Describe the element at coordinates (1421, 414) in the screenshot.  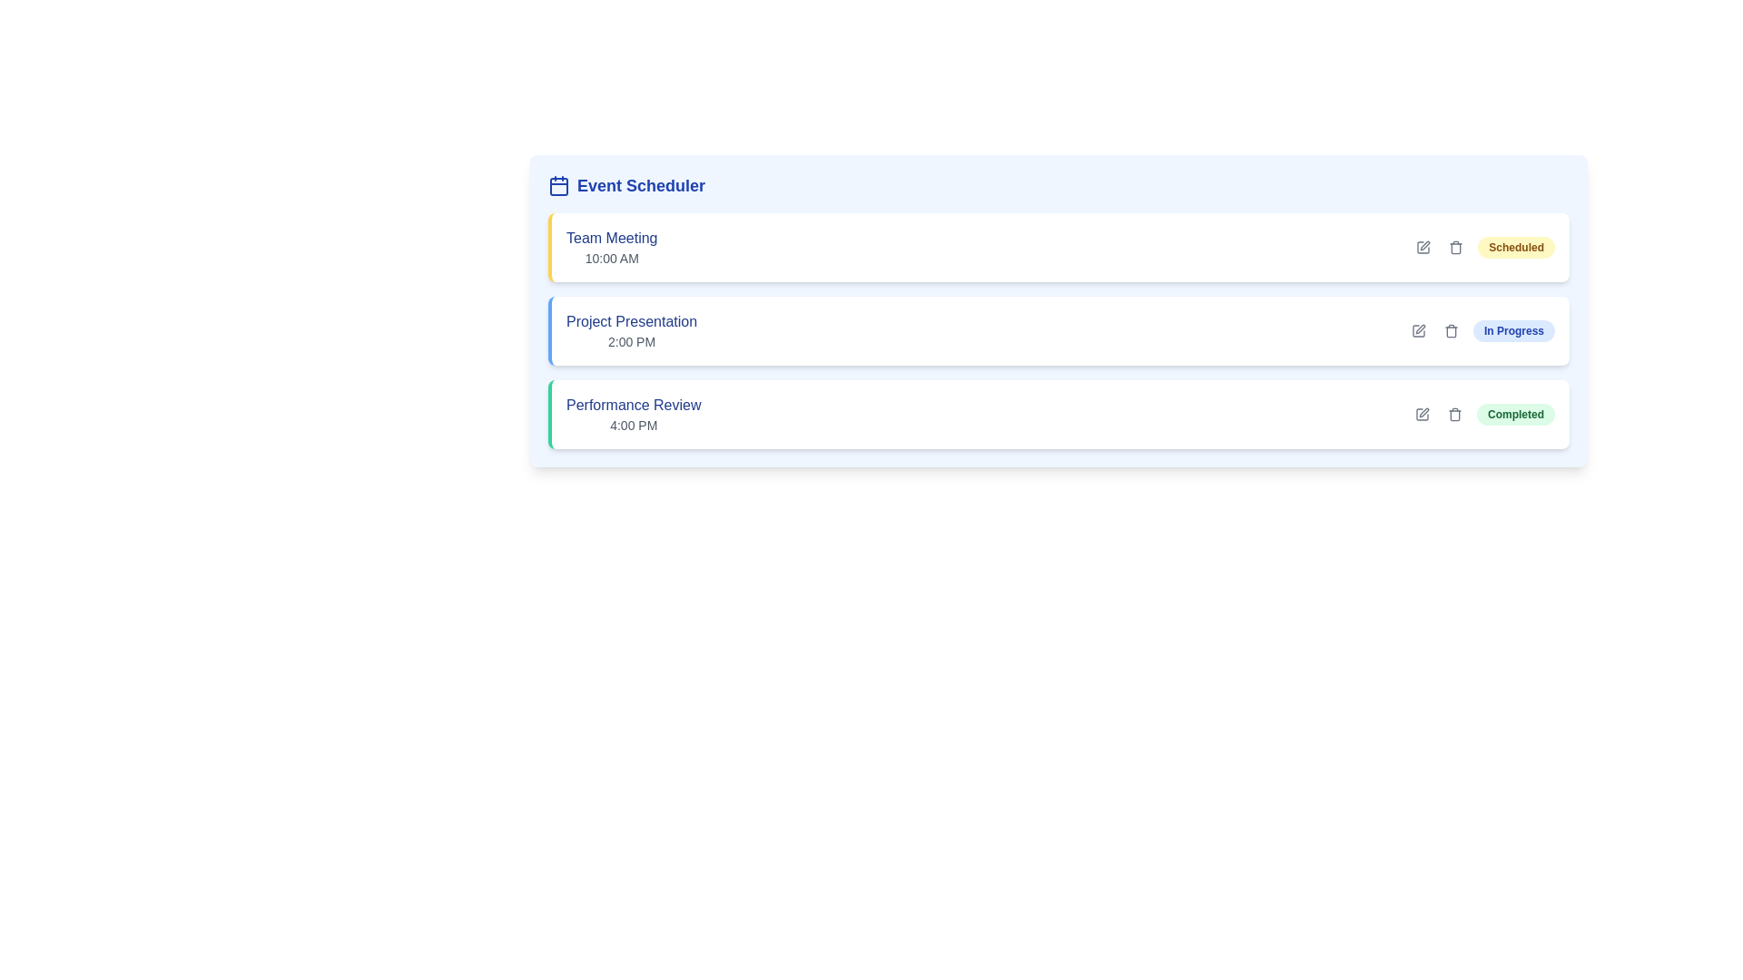
I see `the small, circular edit button with a gray border located adjacent to the text 'Completed' in the 'Event Scheduler' list` at that location.